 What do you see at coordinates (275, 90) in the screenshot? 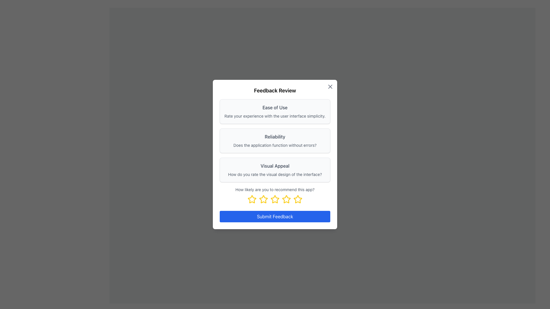
I see `the 'Feedback Review' text component, which is displayed in bold, large-sized font and is centered horizontally within a white card with rounded corners and a shadow effect` at bounding box center [275, 90].